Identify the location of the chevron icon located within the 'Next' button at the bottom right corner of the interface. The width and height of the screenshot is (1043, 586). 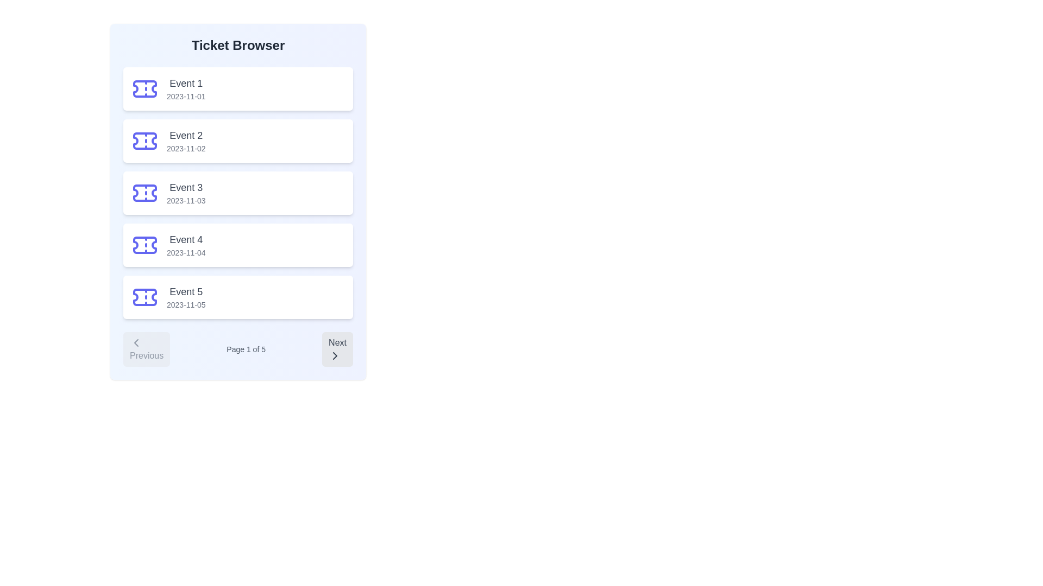
(335, 355).